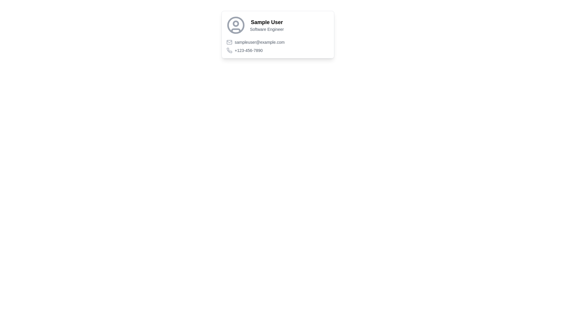 Image resolution: width=564 pixels, height=317 pixels. What do you see at coordinates (236, 23) in the screenshot?
I see `the SVG Circle representing the user's face in the profile icon, located at the center top area of the circular user profile image` at bounding box center [236, 23].